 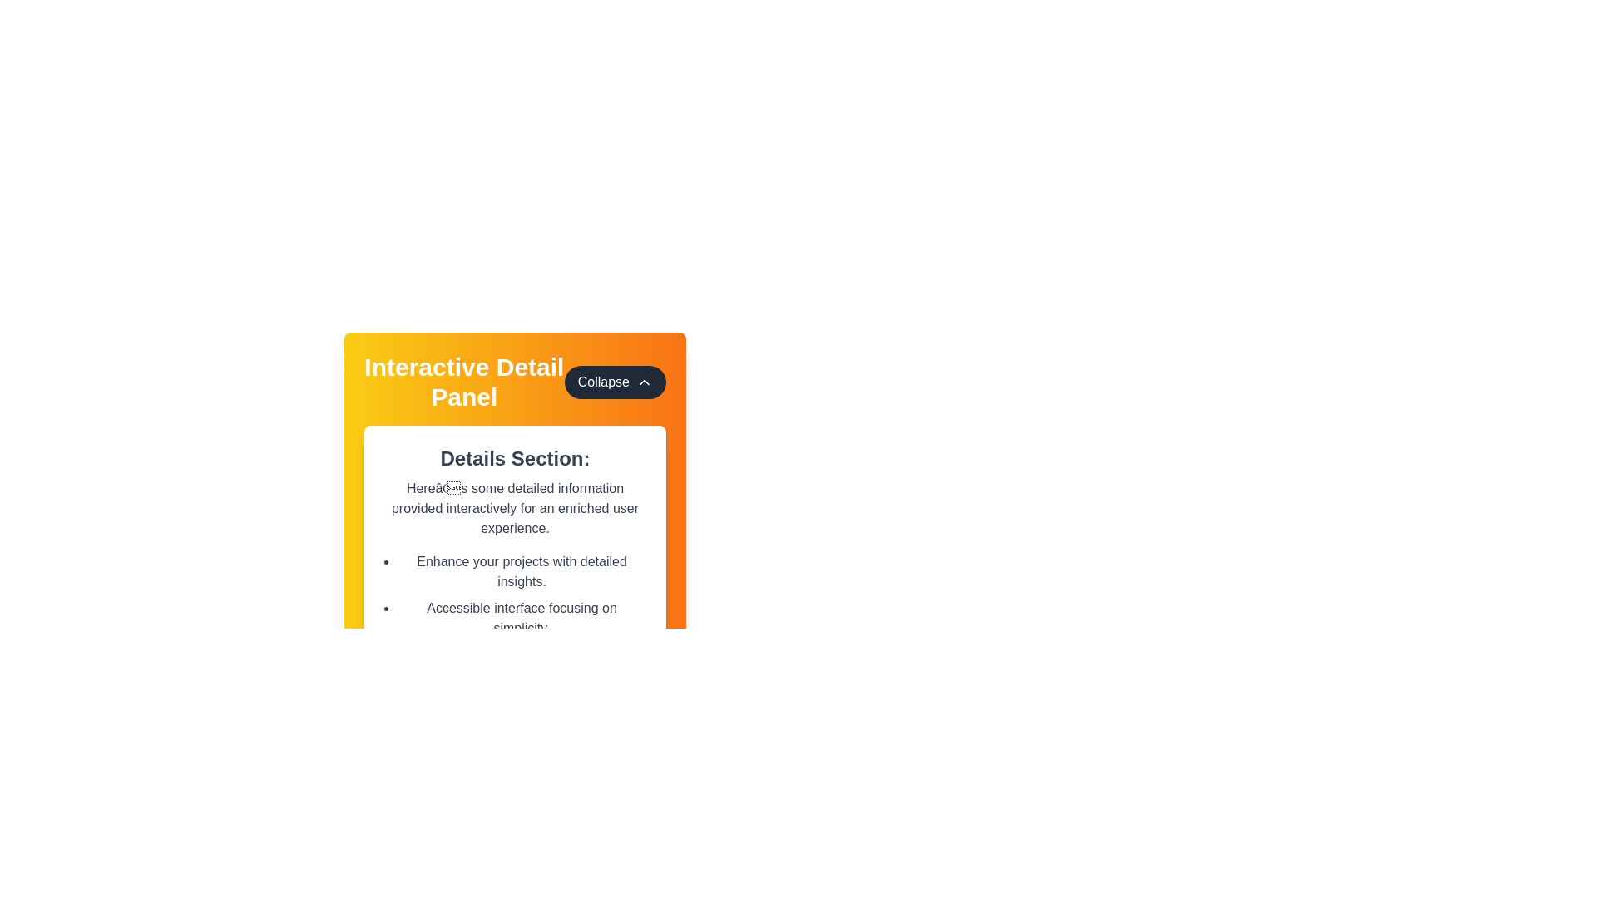 I want to click on text content of the white card in the 'Interactive Detail Panel', which contains the title 'Details Section:' and descriptive content, so click(x=514, y=471).